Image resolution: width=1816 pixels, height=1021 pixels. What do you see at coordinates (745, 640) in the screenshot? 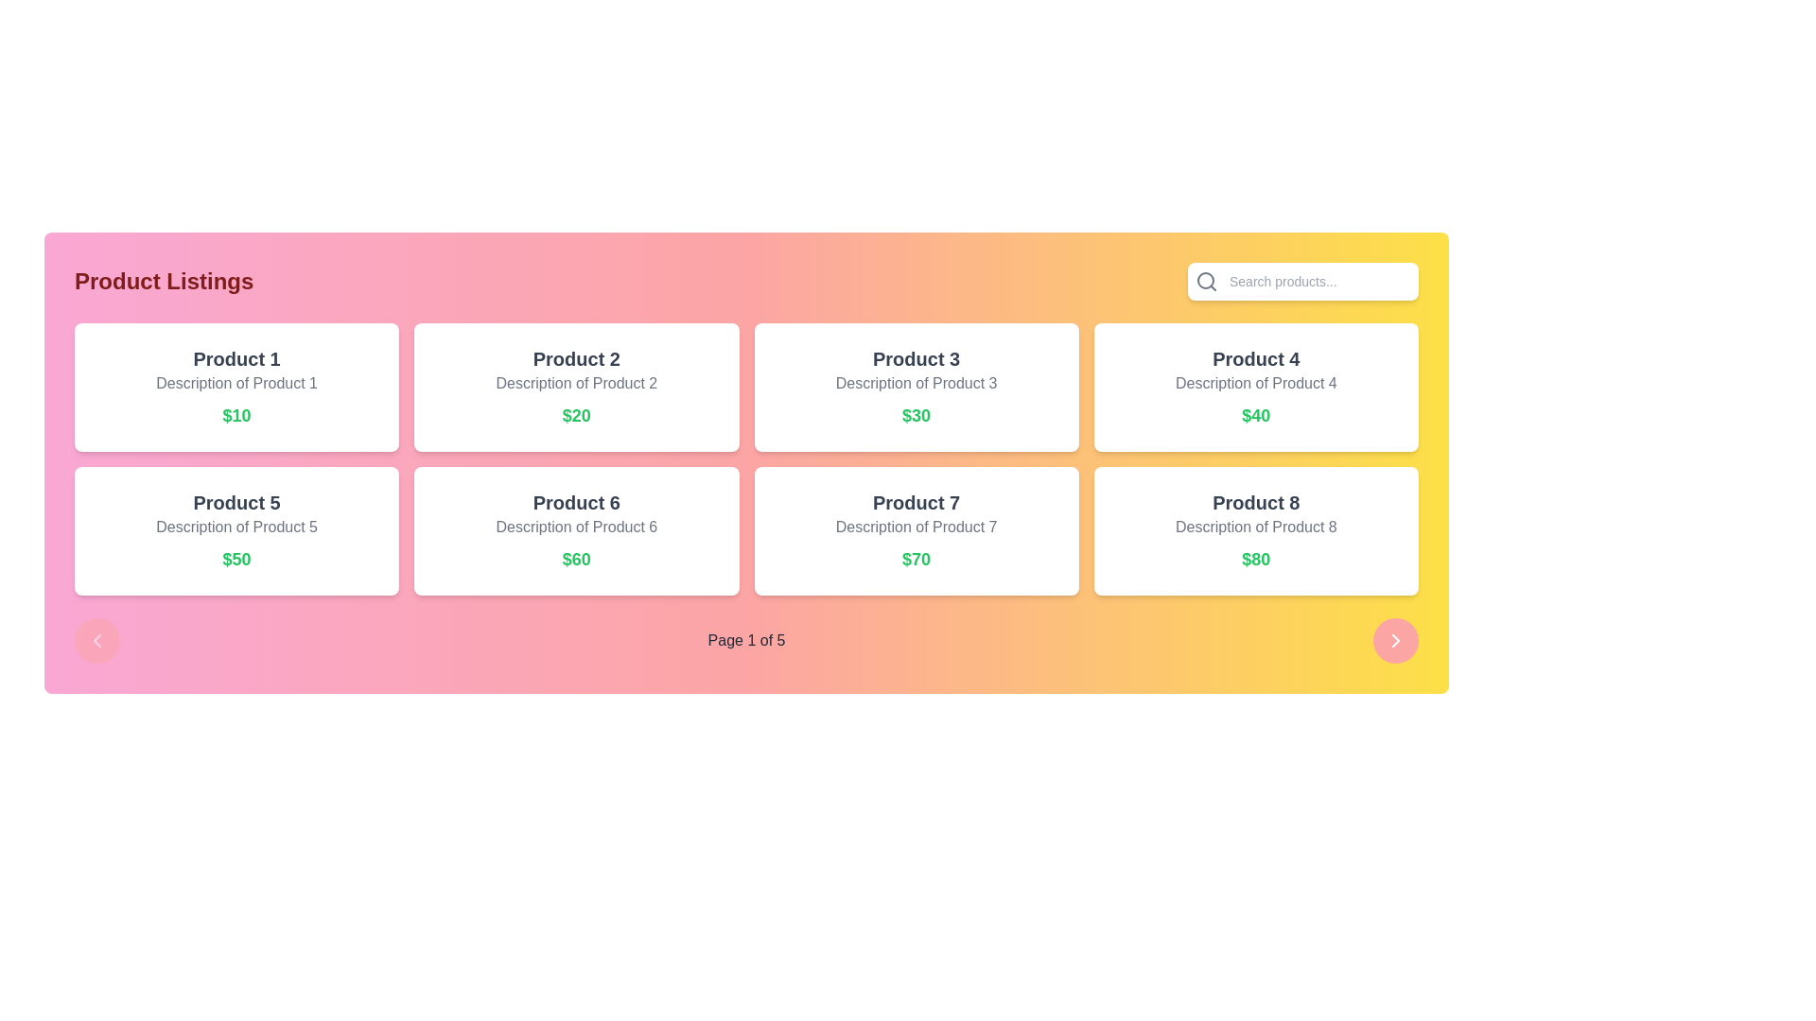
I see `the pagination indicator text label that shows the current page number and total pages, located centrally near the bottom of the product listing interface, between the left and right navigation buttons` at bounding box center [745, 640].